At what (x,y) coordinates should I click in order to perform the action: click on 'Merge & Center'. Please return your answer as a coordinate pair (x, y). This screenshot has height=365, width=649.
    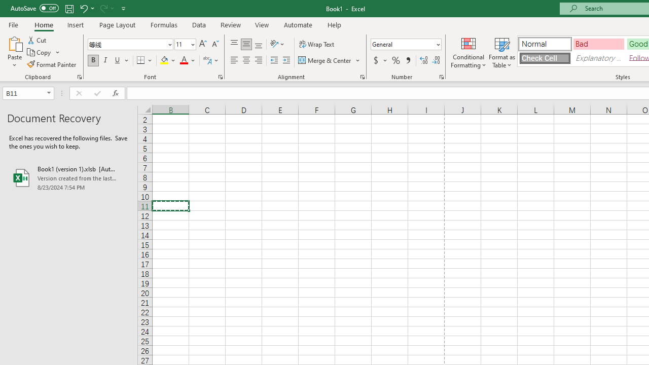
    Looking at the image, I should click on (325, 60).